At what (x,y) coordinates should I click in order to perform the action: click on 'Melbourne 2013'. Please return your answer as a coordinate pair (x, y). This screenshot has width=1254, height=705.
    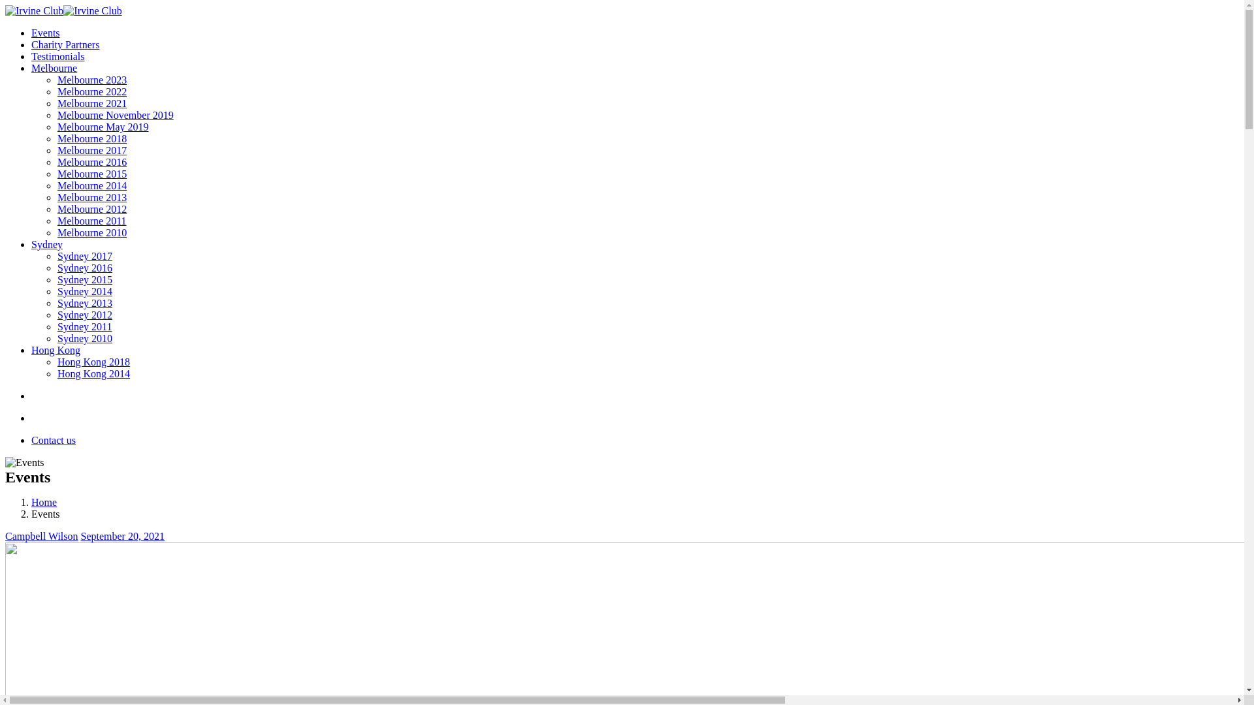
    Looking at the image, I should click on (91, 197).